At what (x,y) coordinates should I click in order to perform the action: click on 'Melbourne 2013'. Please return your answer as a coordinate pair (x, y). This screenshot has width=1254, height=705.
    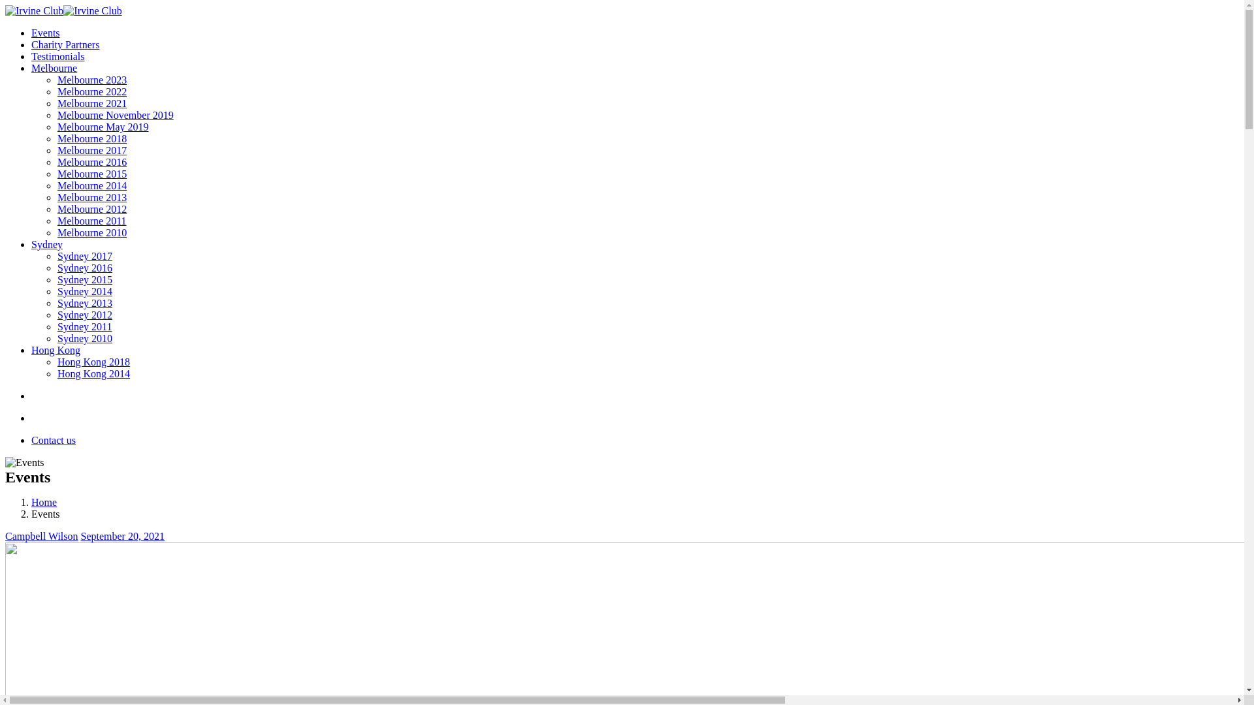
    Looking at the image, I should click on (91, 197).